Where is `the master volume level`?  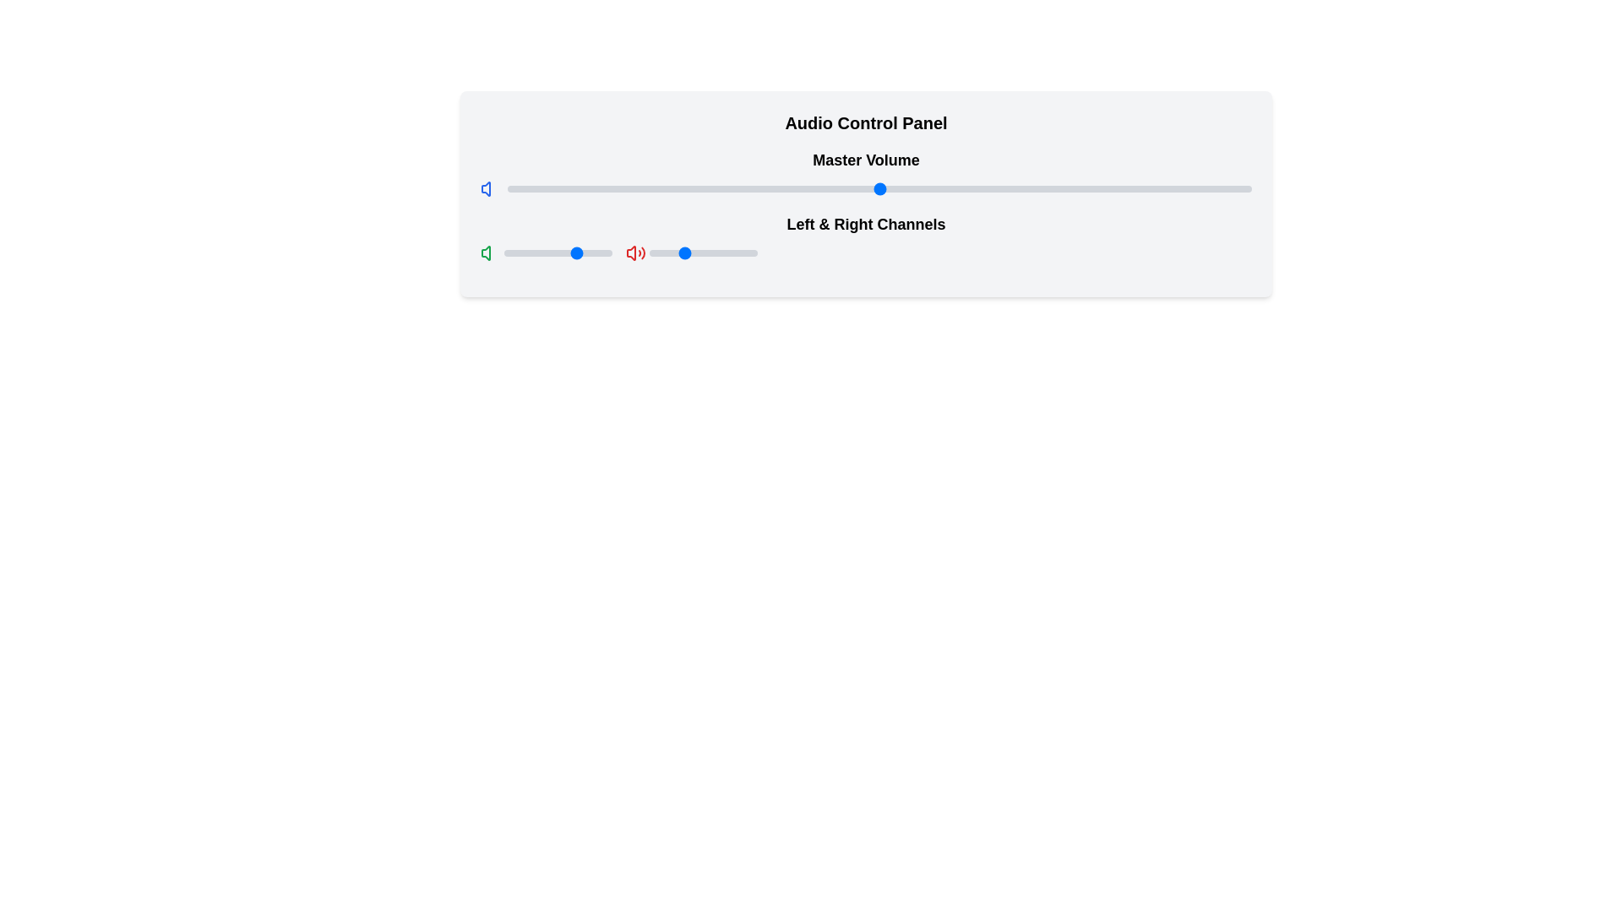 the master volume level is located at coordinates (804, 188).